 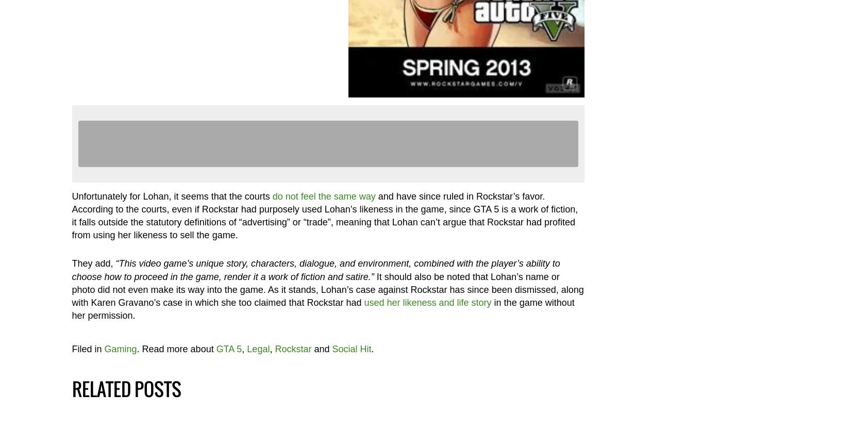 I want to click on '. Read more about', so click(x=136, y=348).